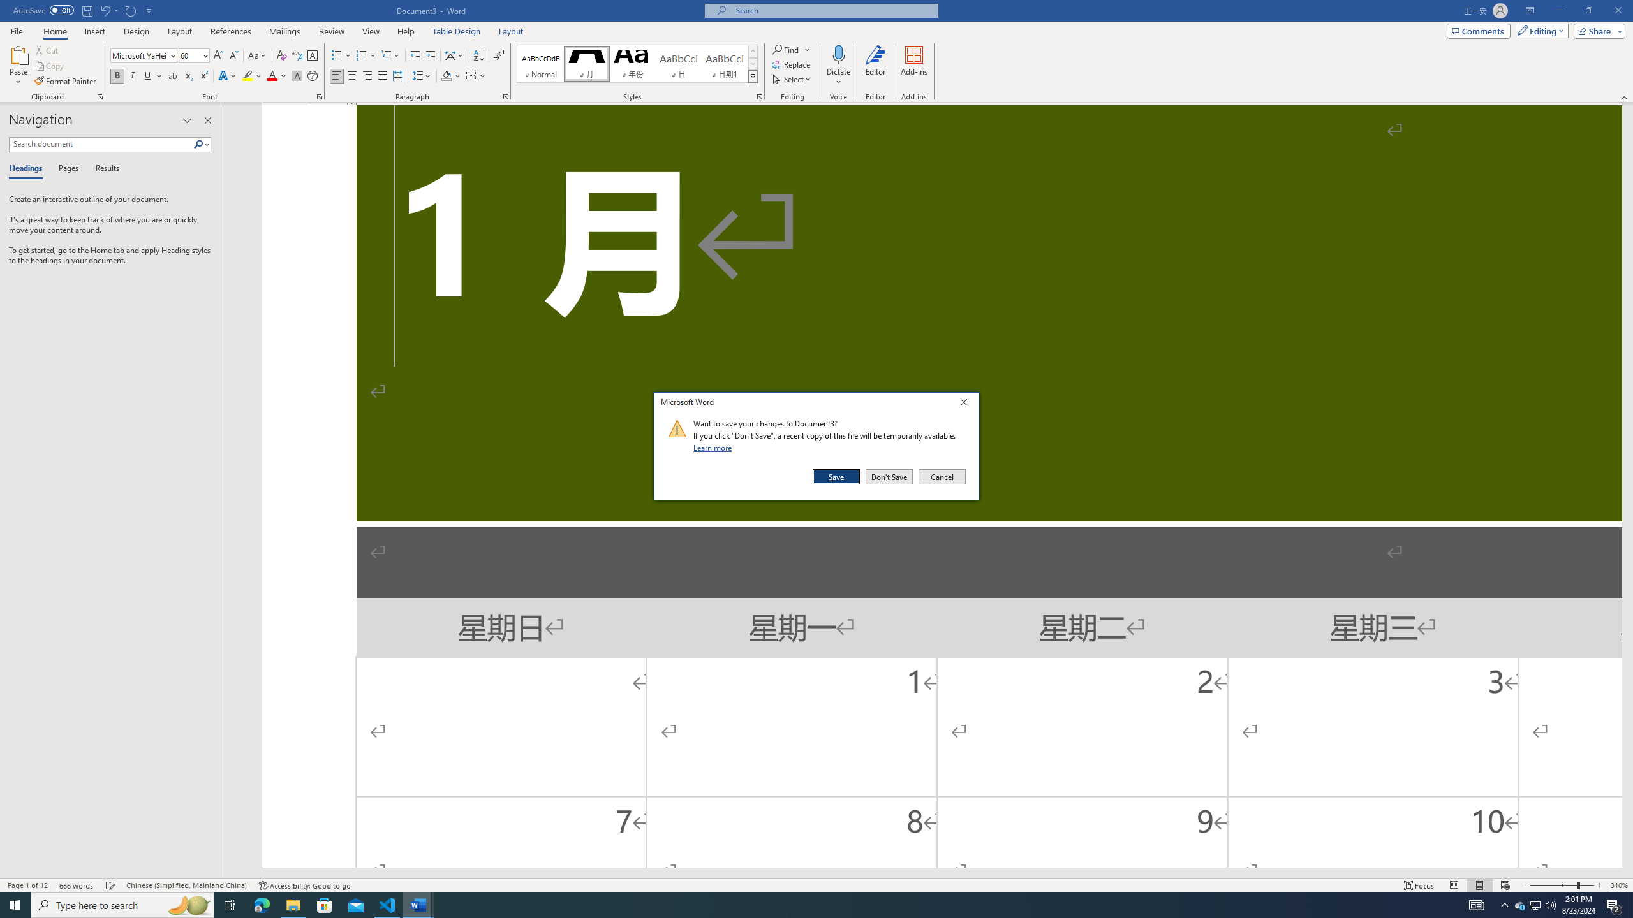  What do you see at coordinates (66, 168) in the screenshot?
I see `'Pages'` at bounding box center [66, 168].